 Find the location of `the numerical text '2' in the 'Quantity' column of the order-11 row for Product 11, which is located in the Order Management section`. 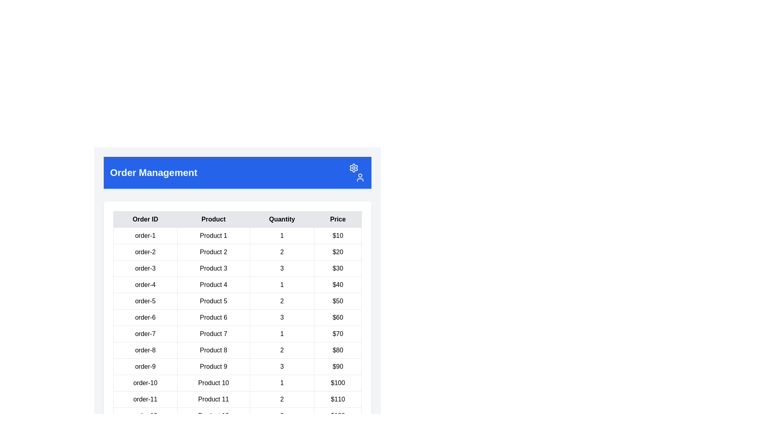

the numerical text '2' in the 'Quantity' column of the order-11 row for Product 11, which is located in the Order Management section is located at coordinates (282, 399).